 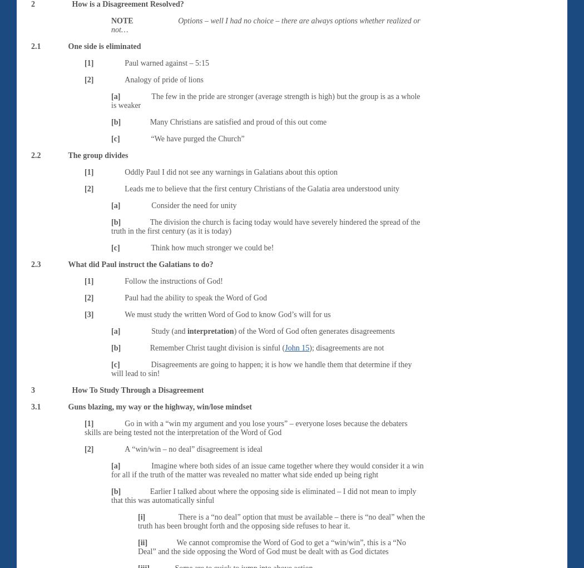 What do you see at coordinates (169, 330) in the screenshot?
I see `'Study (and'` at bounding box center [169, 330].